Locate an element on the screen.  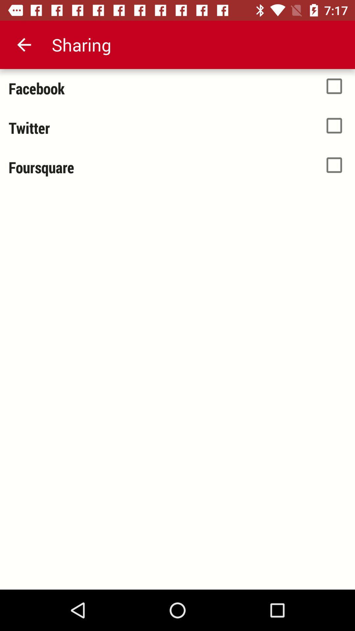
app next to the sharing icon is located at coordinates (24, 44).